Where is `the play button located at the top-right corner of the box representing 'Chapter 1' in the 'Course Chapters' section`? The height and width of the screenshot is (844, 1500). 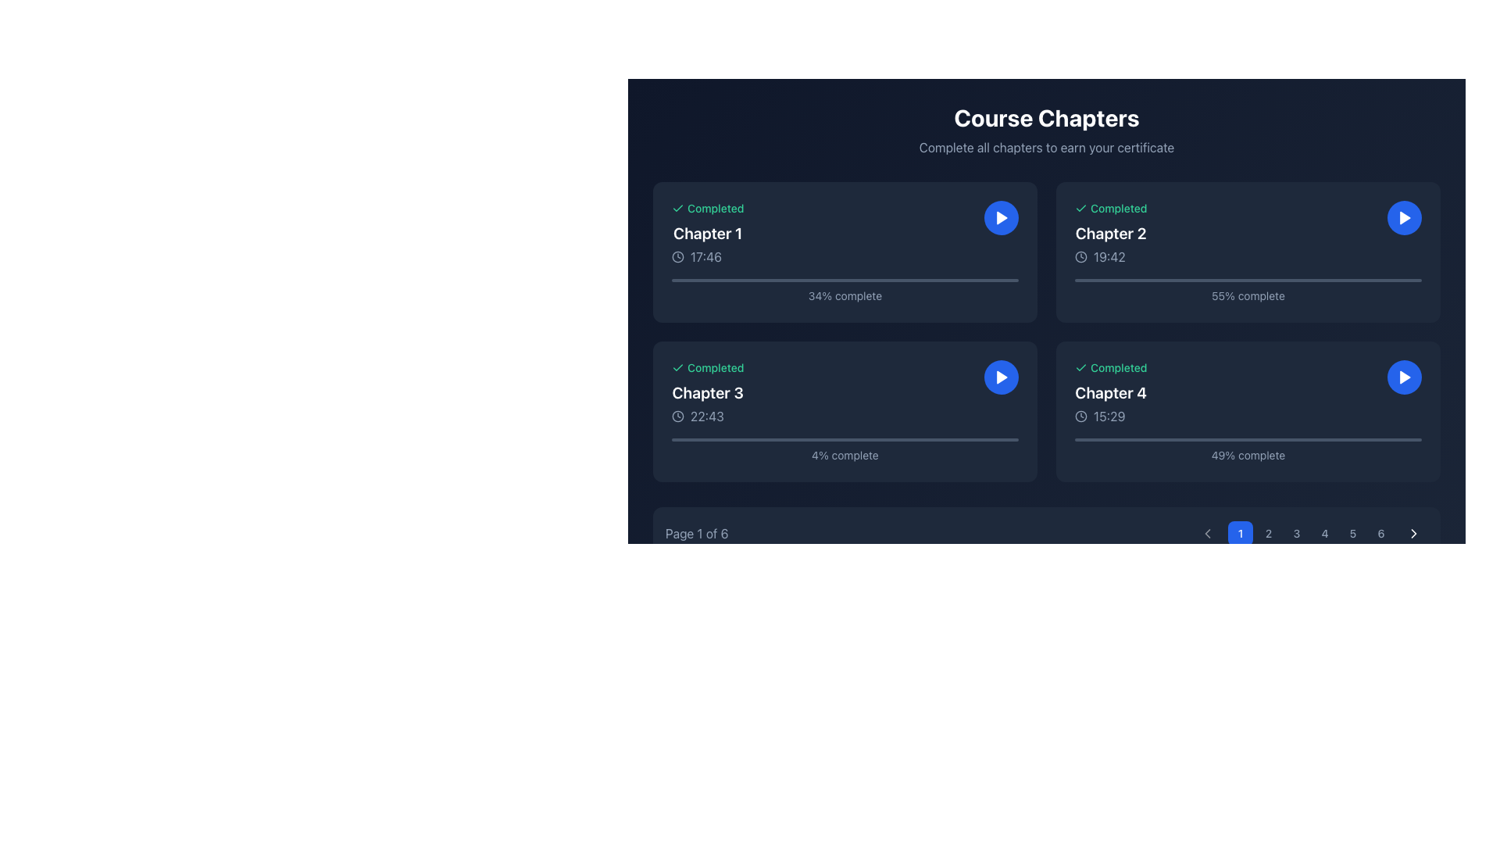 the play button located at the top-right corner of the box representing 'Chapter 1' in the 'Course Chapters' section is located at coordinates (1001, 217).